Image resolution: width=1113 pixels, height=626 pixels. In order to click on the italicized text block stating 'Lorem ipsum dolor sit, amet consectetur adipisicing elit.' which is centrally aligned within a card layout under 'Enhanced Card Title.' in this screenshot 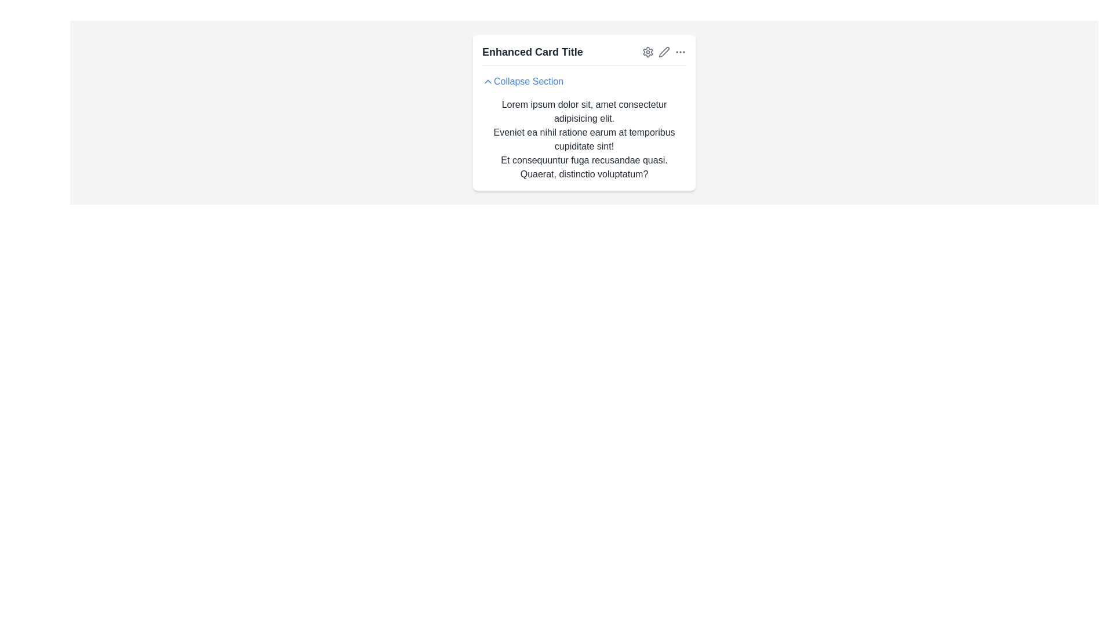, I will do `click(584, 111)`.